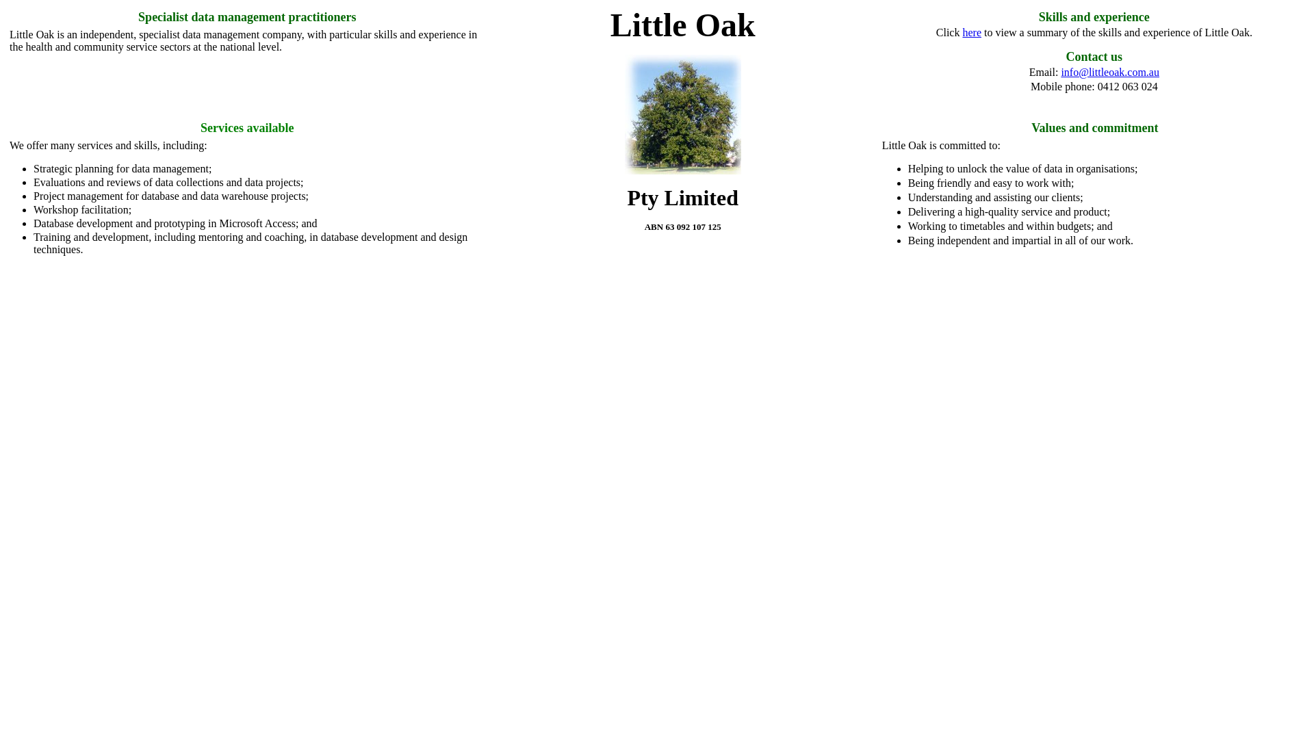 The width and height of the screenshot is (1314, 739). Describe the element at coordinates (971, 31) in the screenshot. I see `'here'` at that location.